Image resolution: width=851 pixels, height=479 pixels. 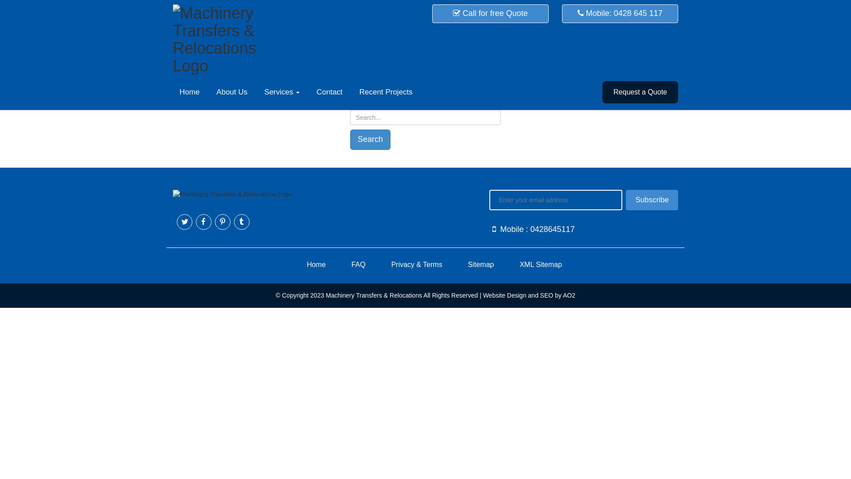 I want to click on 'Privacy & Terms', so click(x=416, y=264).